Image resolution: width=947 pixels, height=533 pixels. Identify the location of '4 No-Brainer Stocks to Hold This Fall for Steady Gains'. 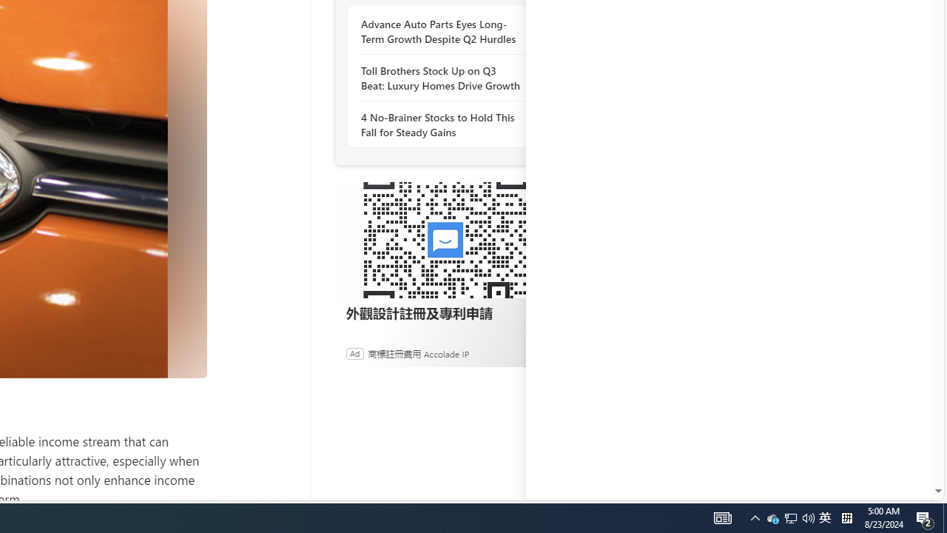
(440, 124).